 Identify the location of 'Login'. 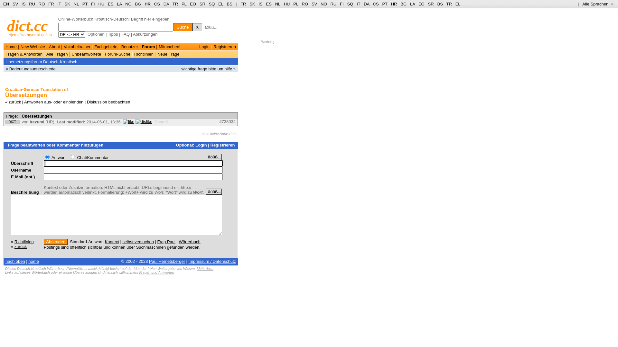
(201, 145).